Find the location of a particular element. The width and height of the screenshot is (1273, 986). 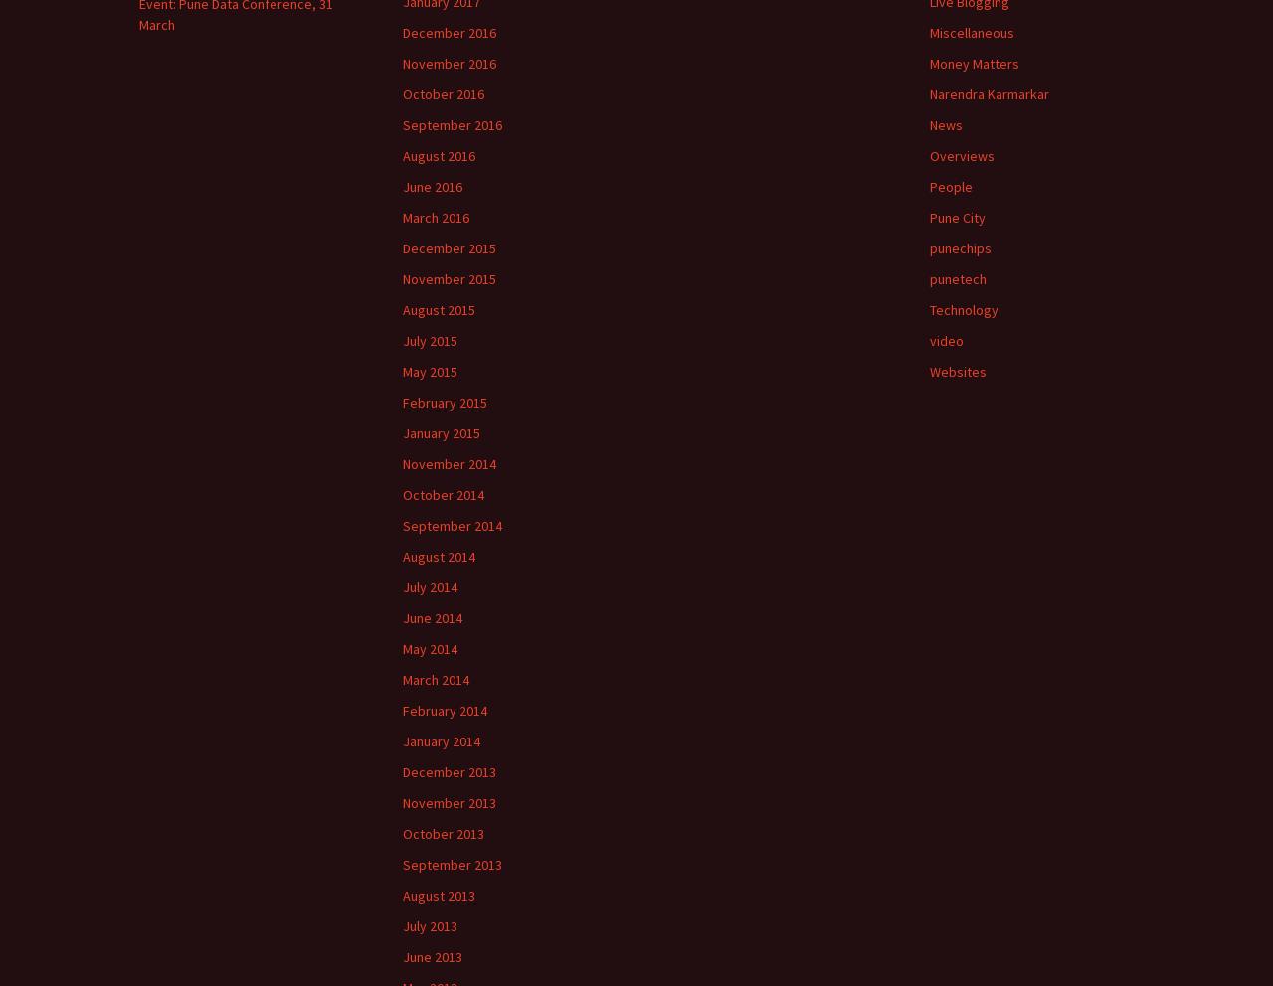

'video' is located at coordinates (946, 340).